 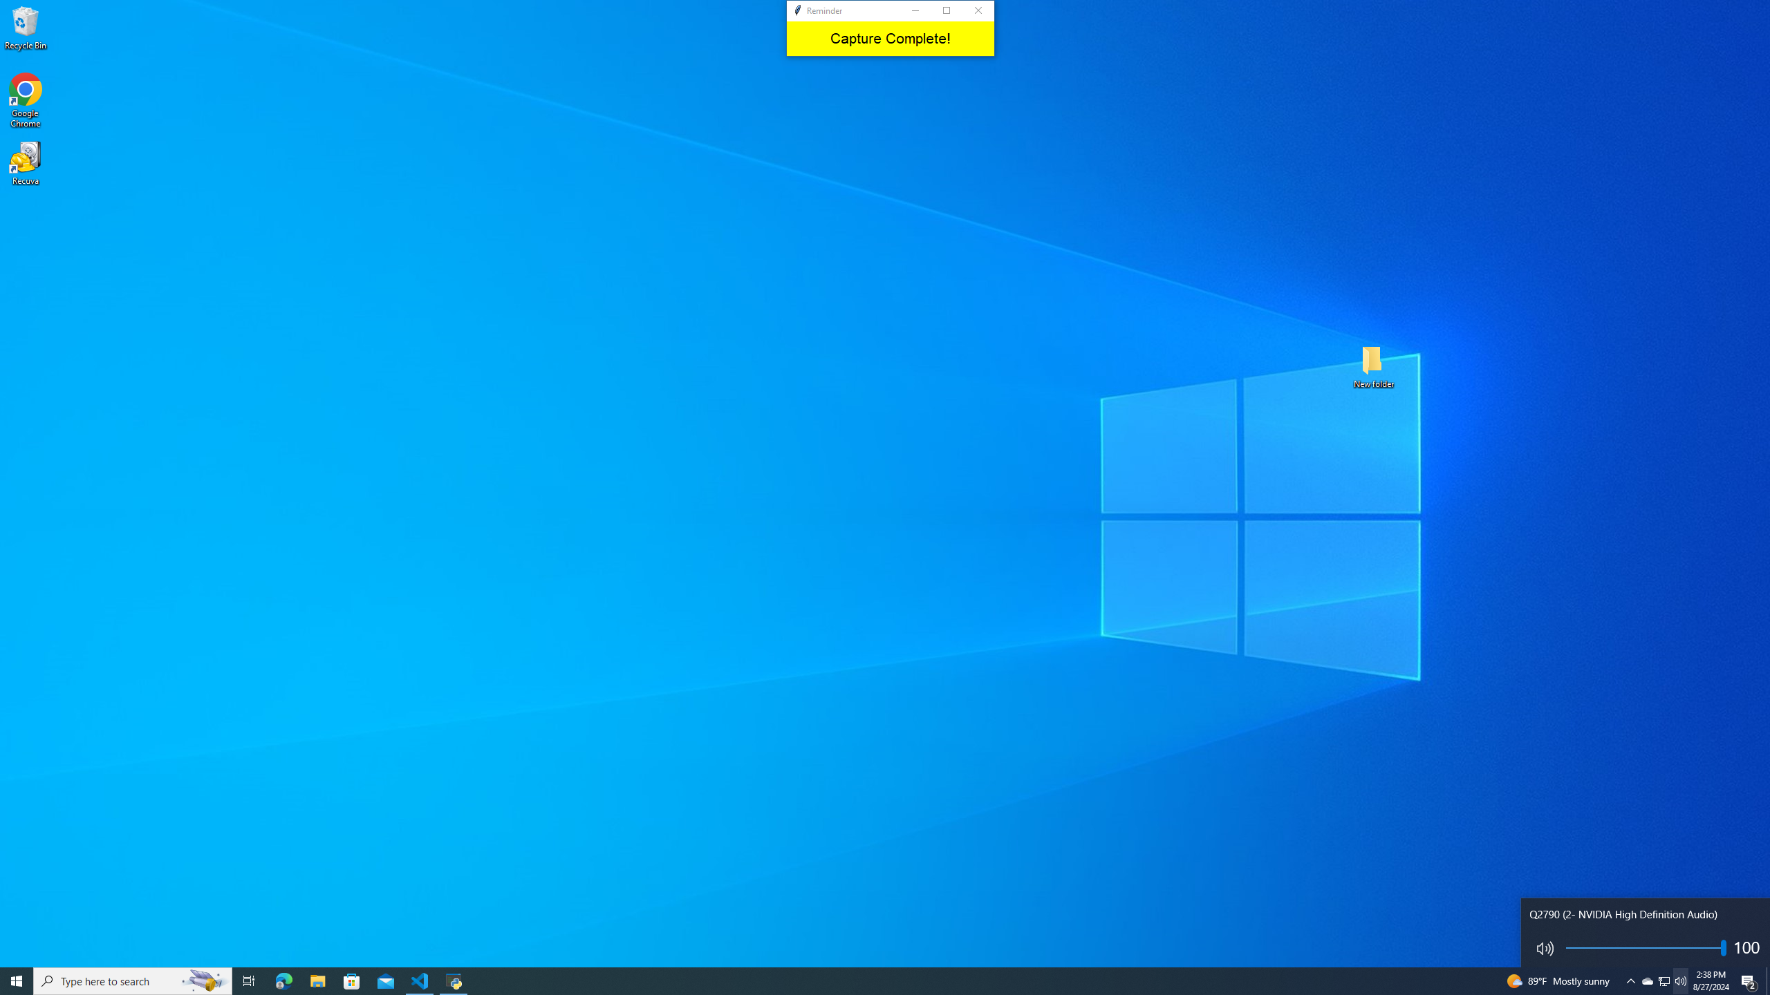 What do you see at coordinates (1749, 980) in the screenshot?
I see `'Action Center, 2 new notifications'` at bounding box center [1749, 980].